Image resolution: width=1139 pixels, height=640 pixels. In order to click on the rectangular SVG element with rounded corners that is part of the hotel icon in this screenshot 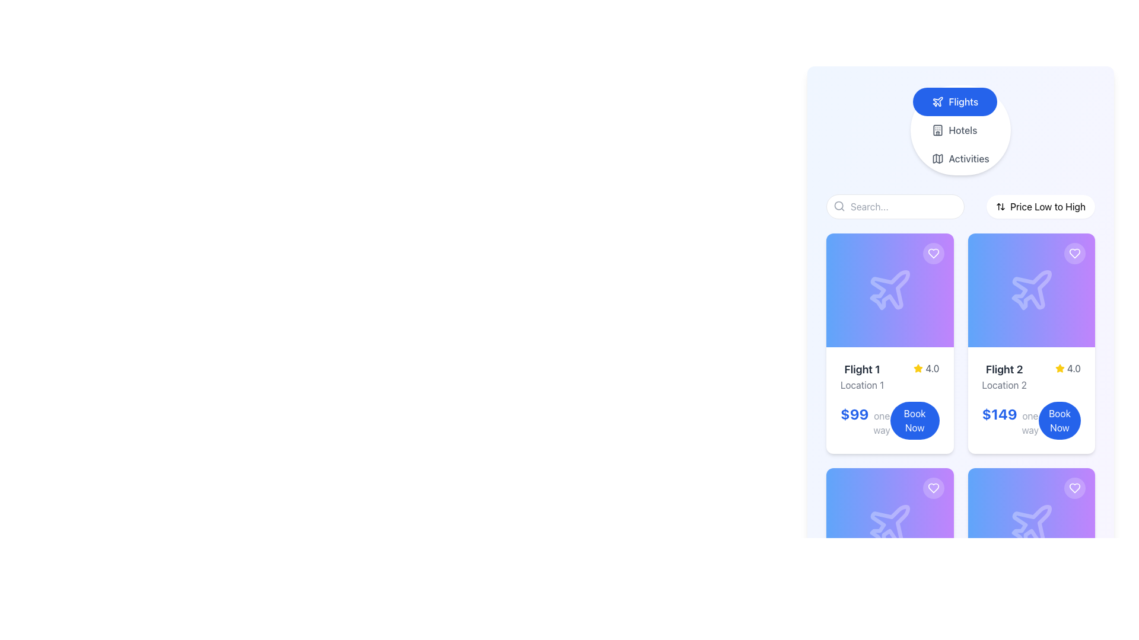, I will do `click(937, 130)`.